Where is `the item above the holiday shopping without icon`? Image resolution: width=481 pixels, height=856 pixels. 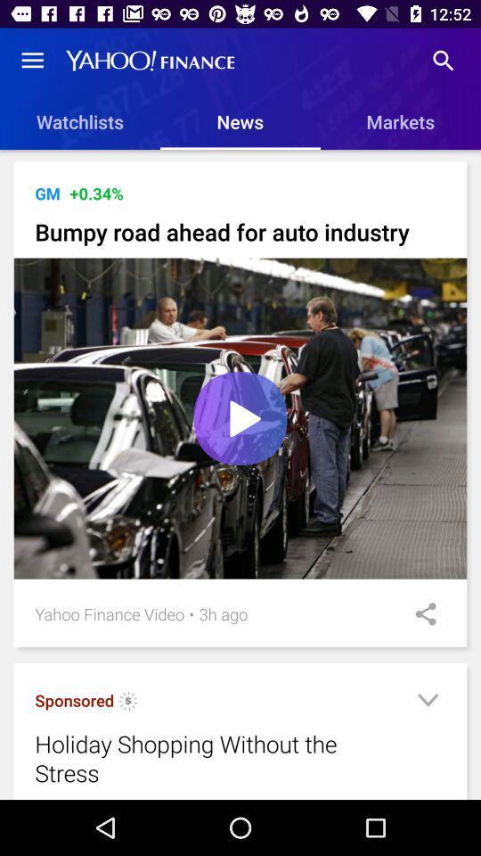 the item above the holiday shopping without icon is located at coordinates (191, 613).